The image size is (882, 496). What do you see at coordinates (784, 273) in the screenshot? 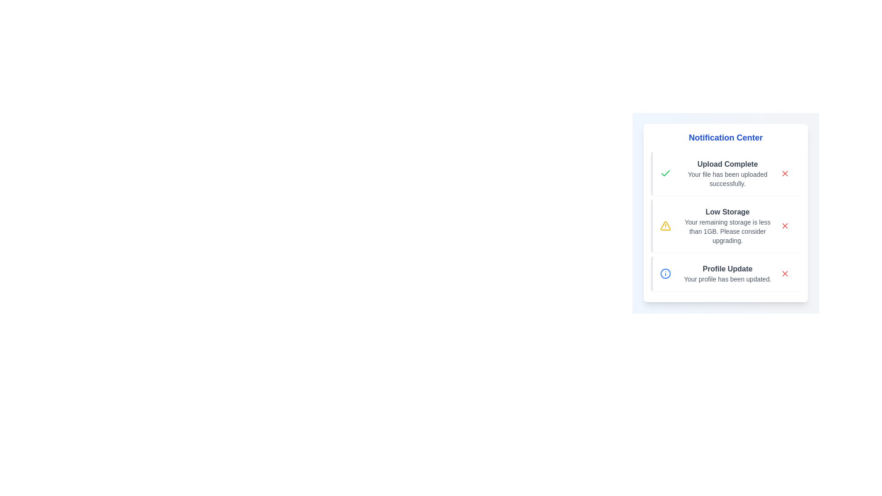
I see `the dismiss button on the 'Profile Update' notification` at bounding box center [784, 273].